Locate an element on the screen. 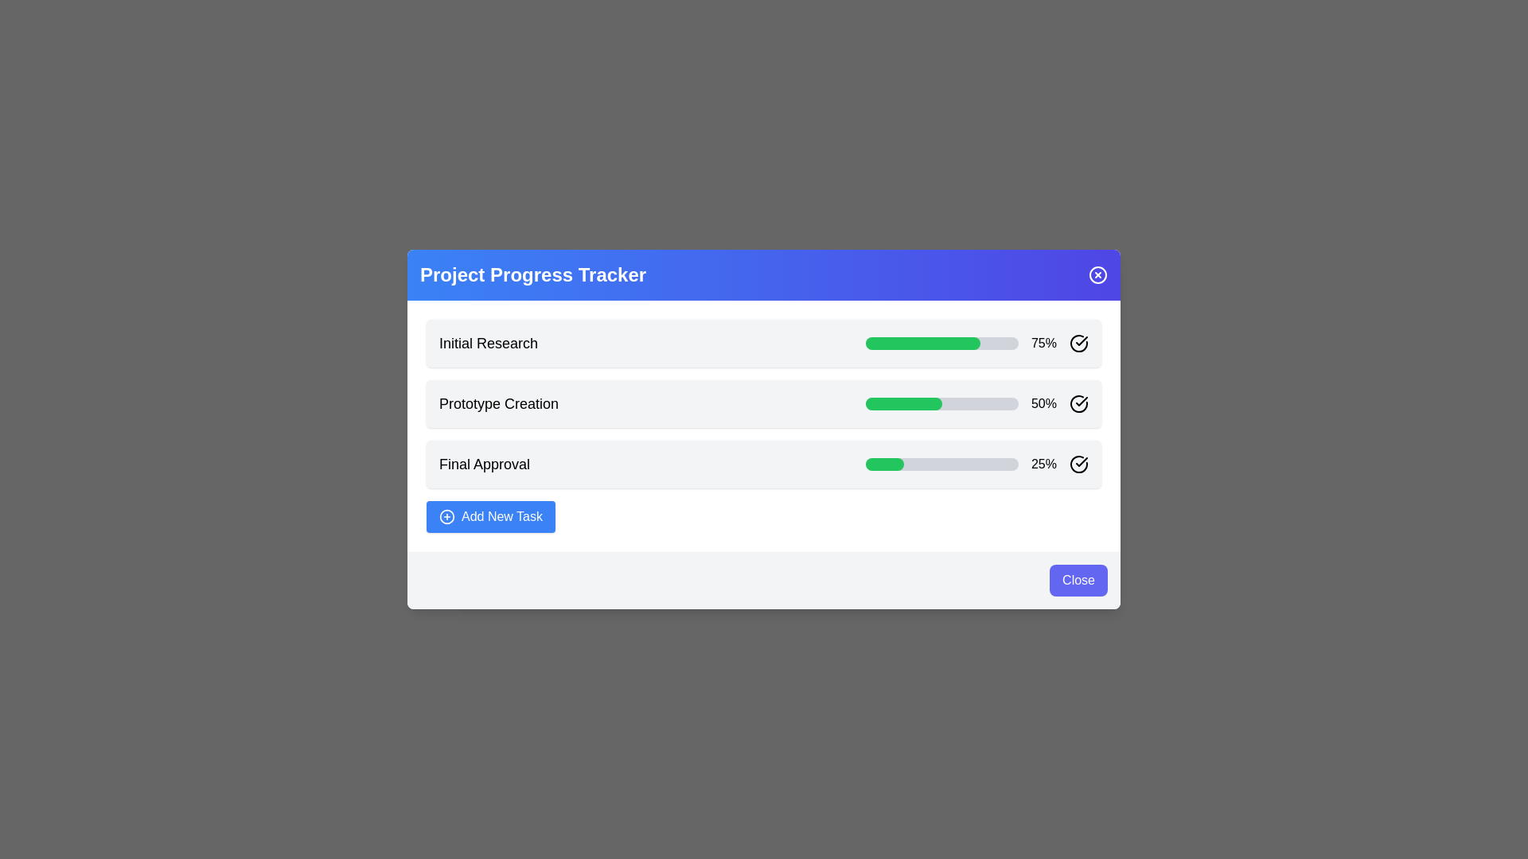  the current progress visually of the progress bar located in the third row of the task list labeled 'Final Approval' which represents 25% is located at coordinates (942, 464).